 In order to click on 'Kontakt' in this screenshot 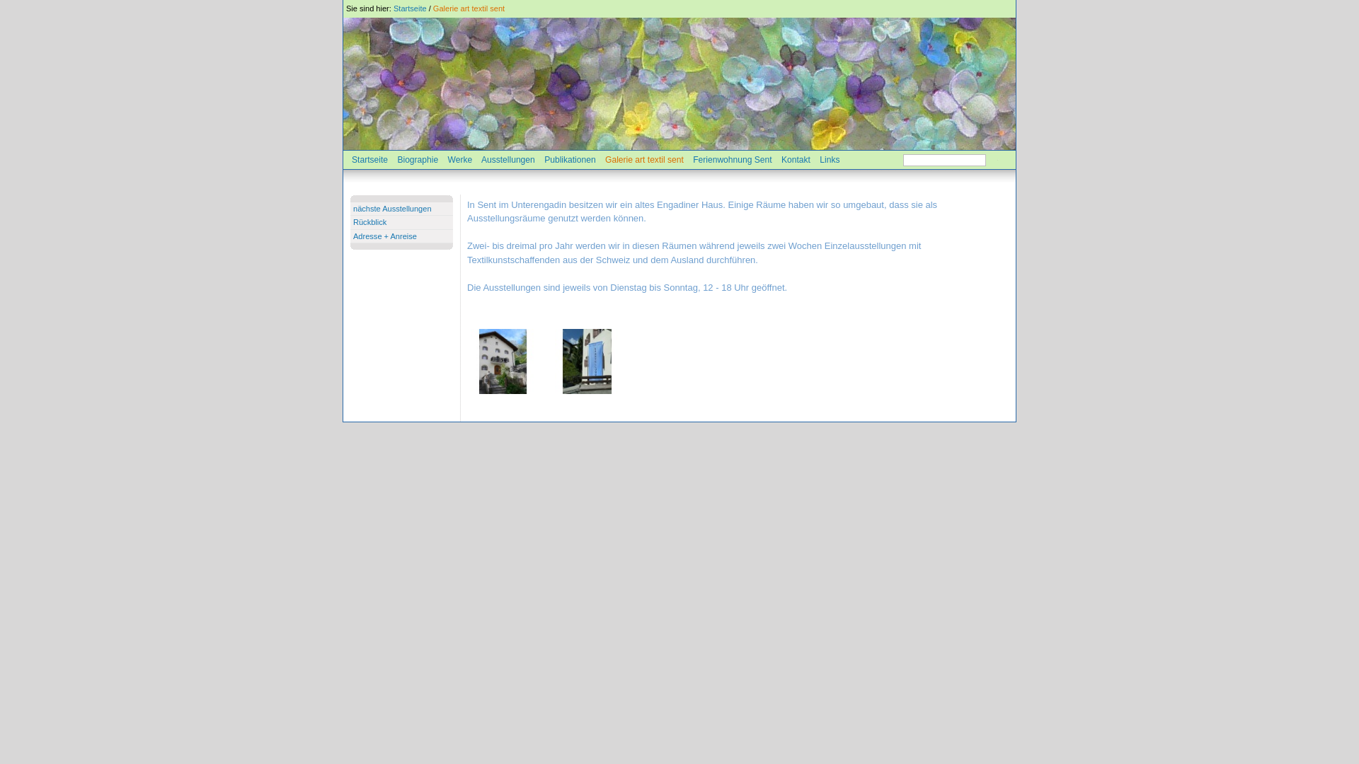, I will do `click(781, 159)`.